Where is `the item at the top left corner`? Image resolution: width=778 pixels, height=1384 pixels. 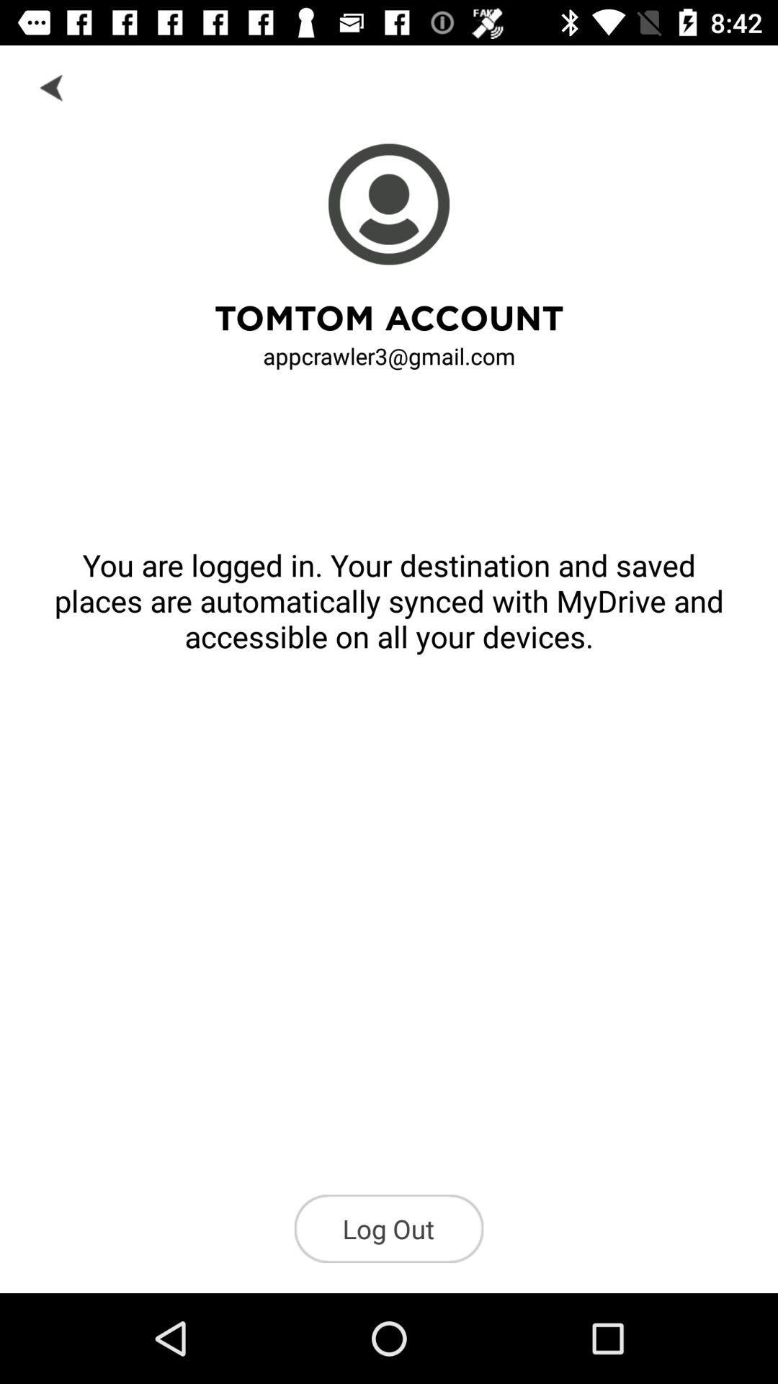 the item at the top left corner is located at coordinates (52, 86).